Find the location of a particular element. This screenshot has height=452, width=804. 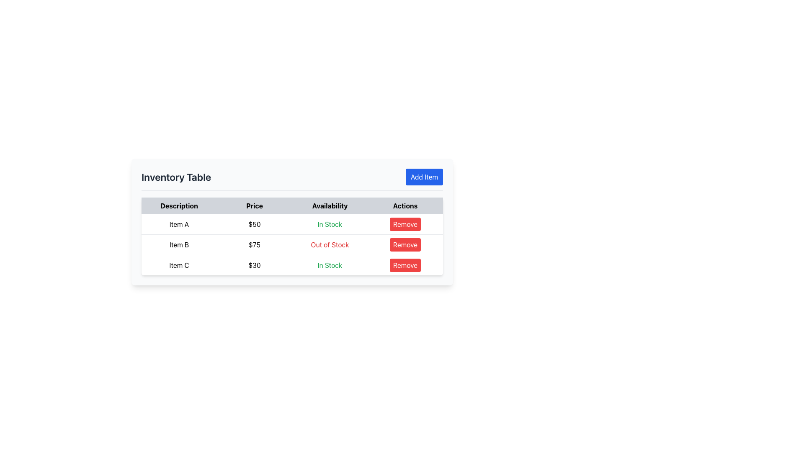

status indicator text that shows the availability of Item C in the inventory table, located in the 'Availability' column of the third row, following the text '$30' is located at coordinates (329, 265).